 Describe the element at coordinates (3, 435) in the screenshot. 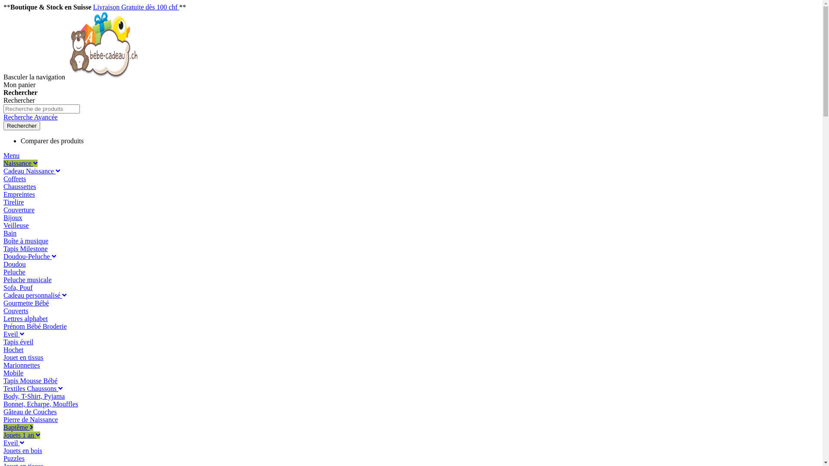

I see `'Jouets 1 an'` at that location.